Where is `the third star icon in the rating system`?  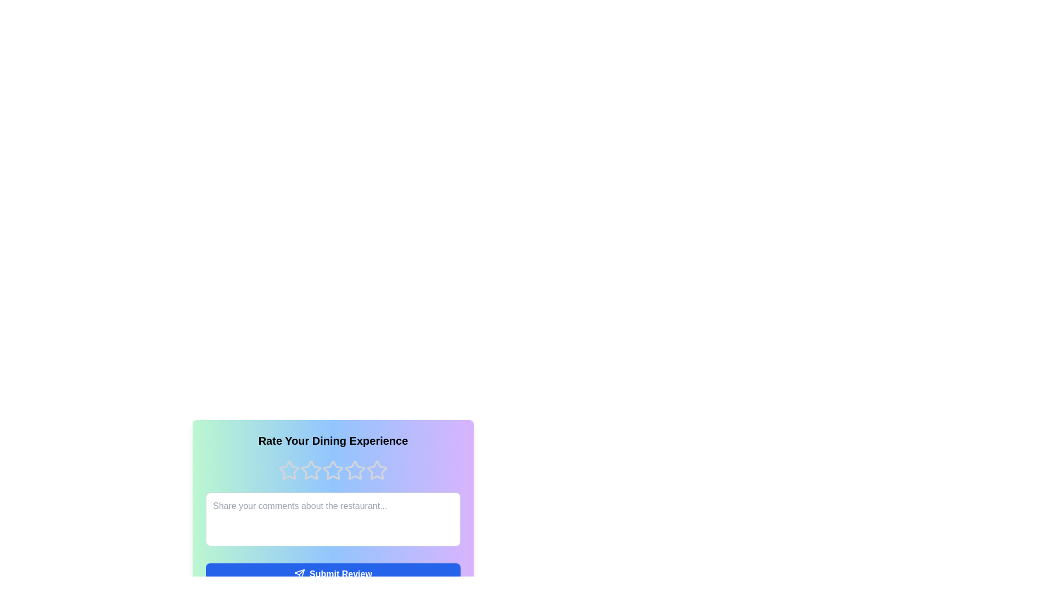
the third star icon in the rating system is located at coordinates (332, 469).